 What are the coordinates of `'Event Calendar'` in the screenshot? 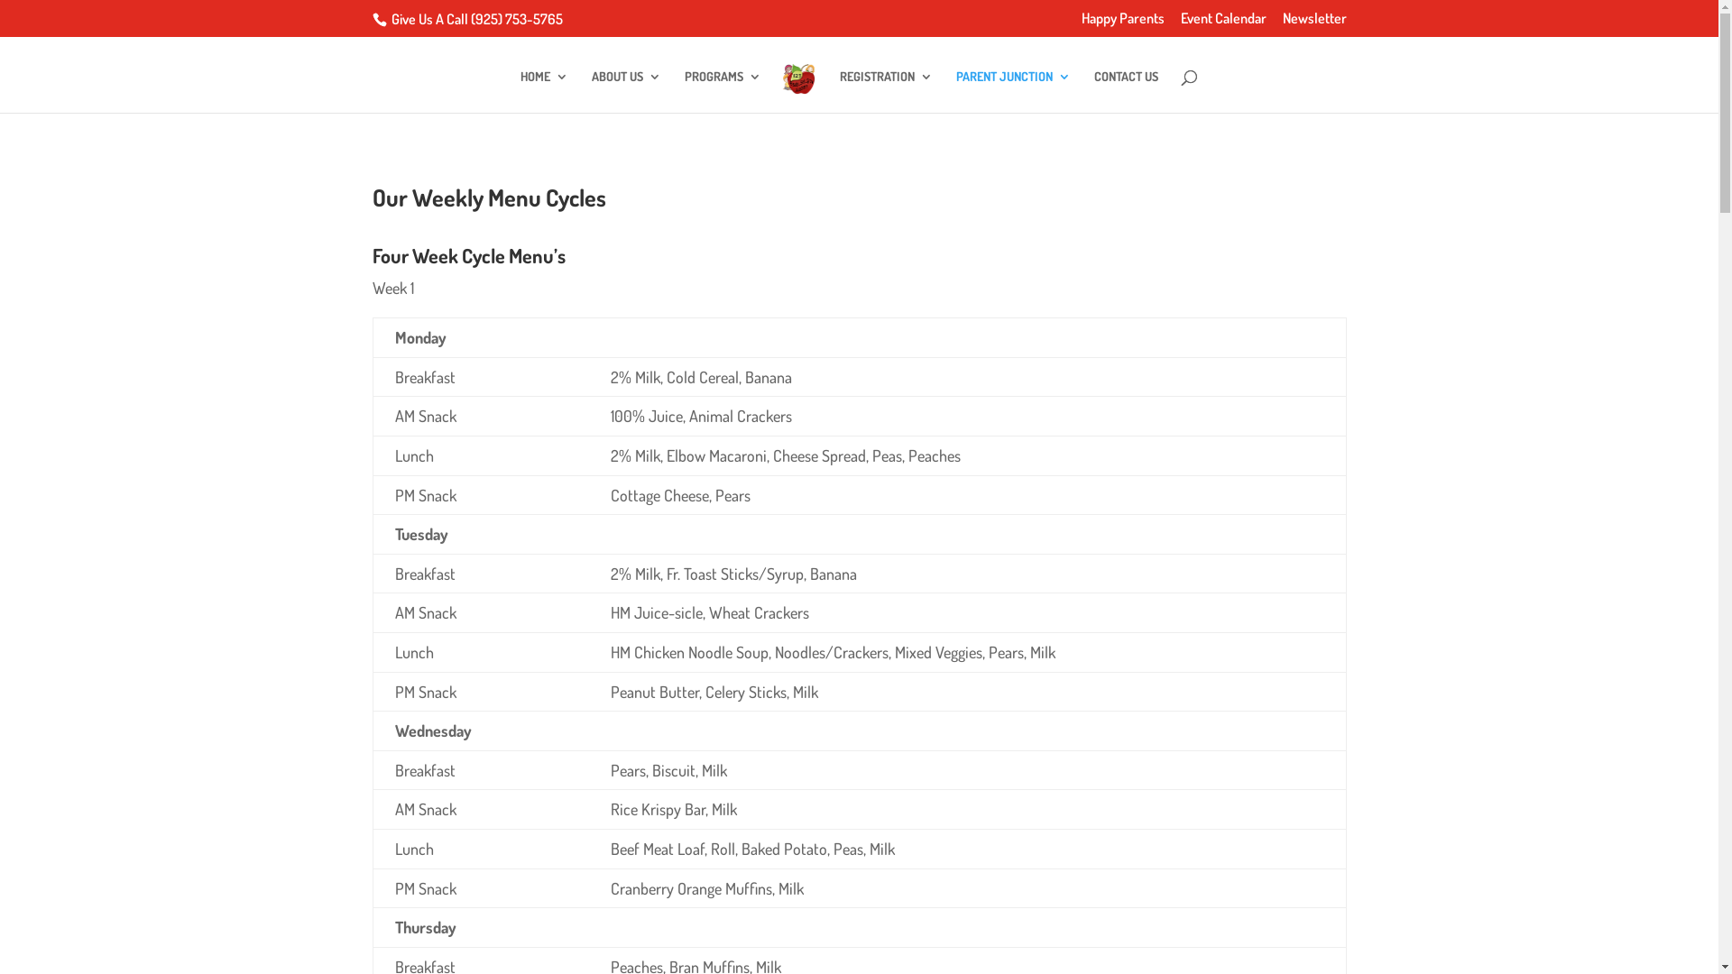 It's located at (1222, 23).